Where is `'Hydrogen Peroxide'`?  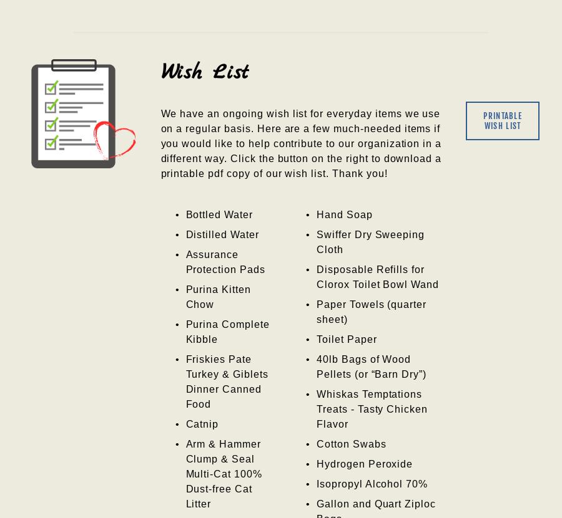 'Hydrogen Peroxide' is located at coordinates (364, 464).